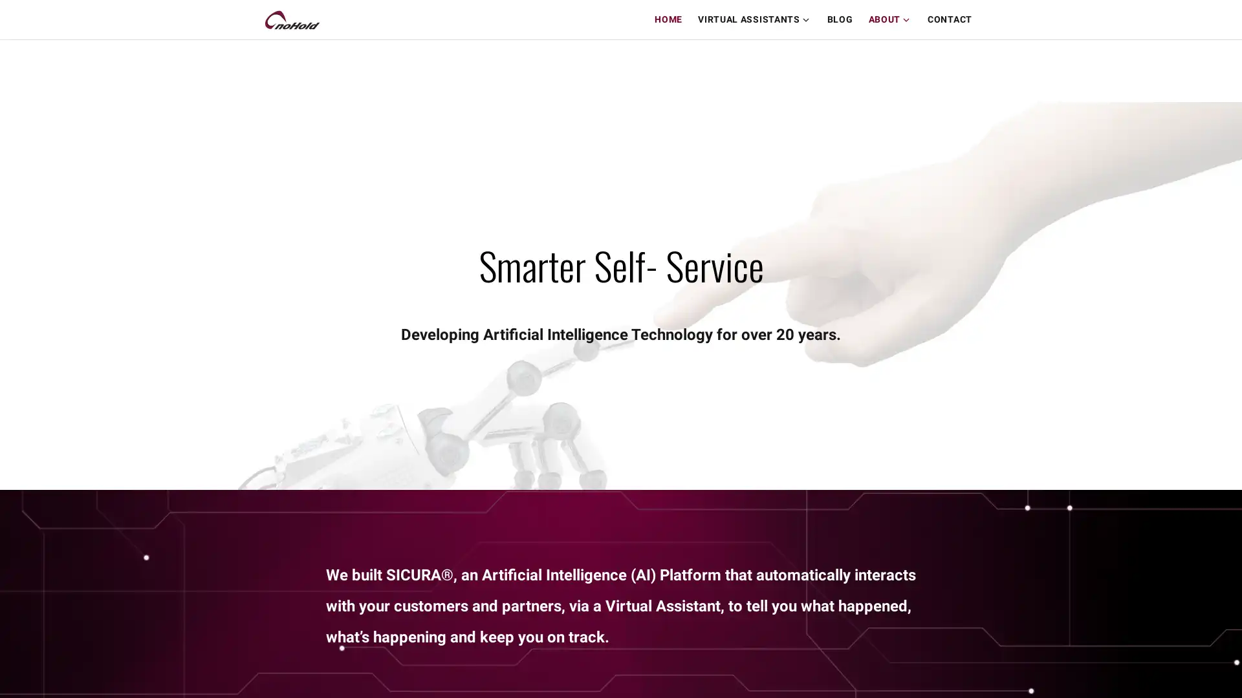  What do you see at coordinates (909, 19) in the screenshot?
I see `Show submenu for About` at bounding box center [909, 19].